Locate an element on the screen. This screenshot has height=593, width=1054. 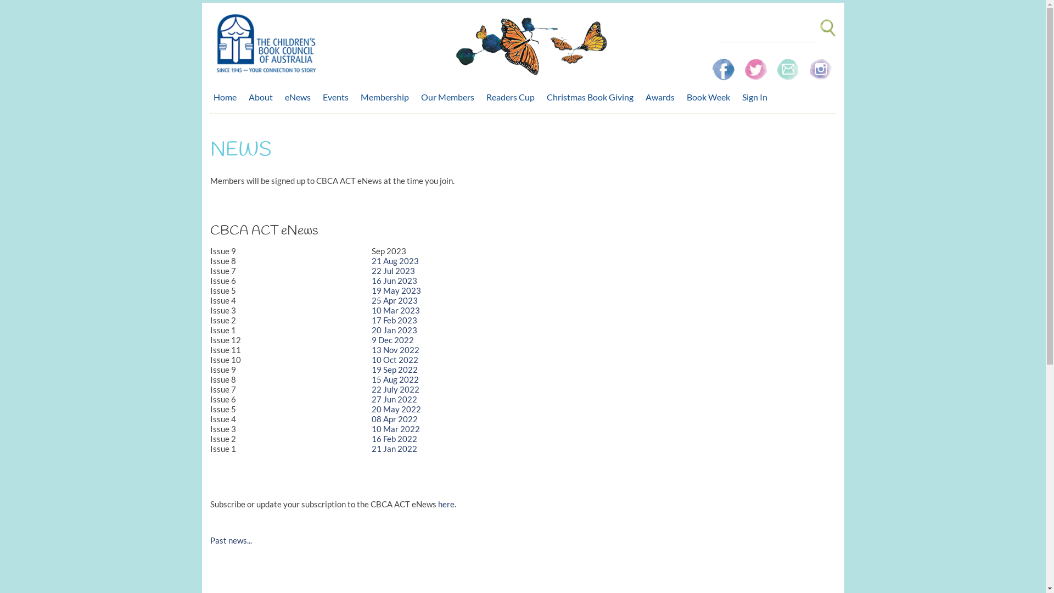
'Facebook' is located at coordinates (724, 65).